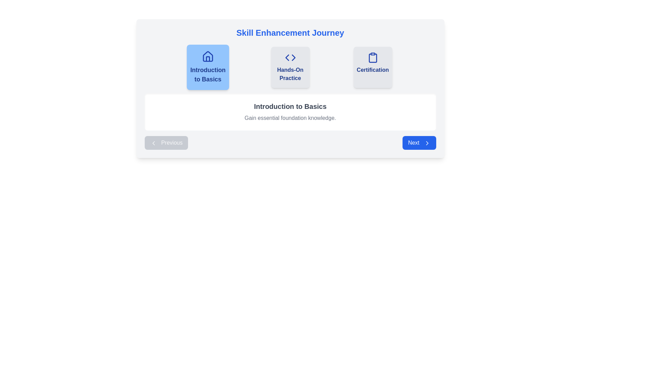 This screenshot has width=660, height=371. Describe the element at coordinates (419, 143) in the screenshot. I see `the 'Next' button, which has a blue background, rounded corners, and white text with a rightward-pointing arrow icon` at that location.